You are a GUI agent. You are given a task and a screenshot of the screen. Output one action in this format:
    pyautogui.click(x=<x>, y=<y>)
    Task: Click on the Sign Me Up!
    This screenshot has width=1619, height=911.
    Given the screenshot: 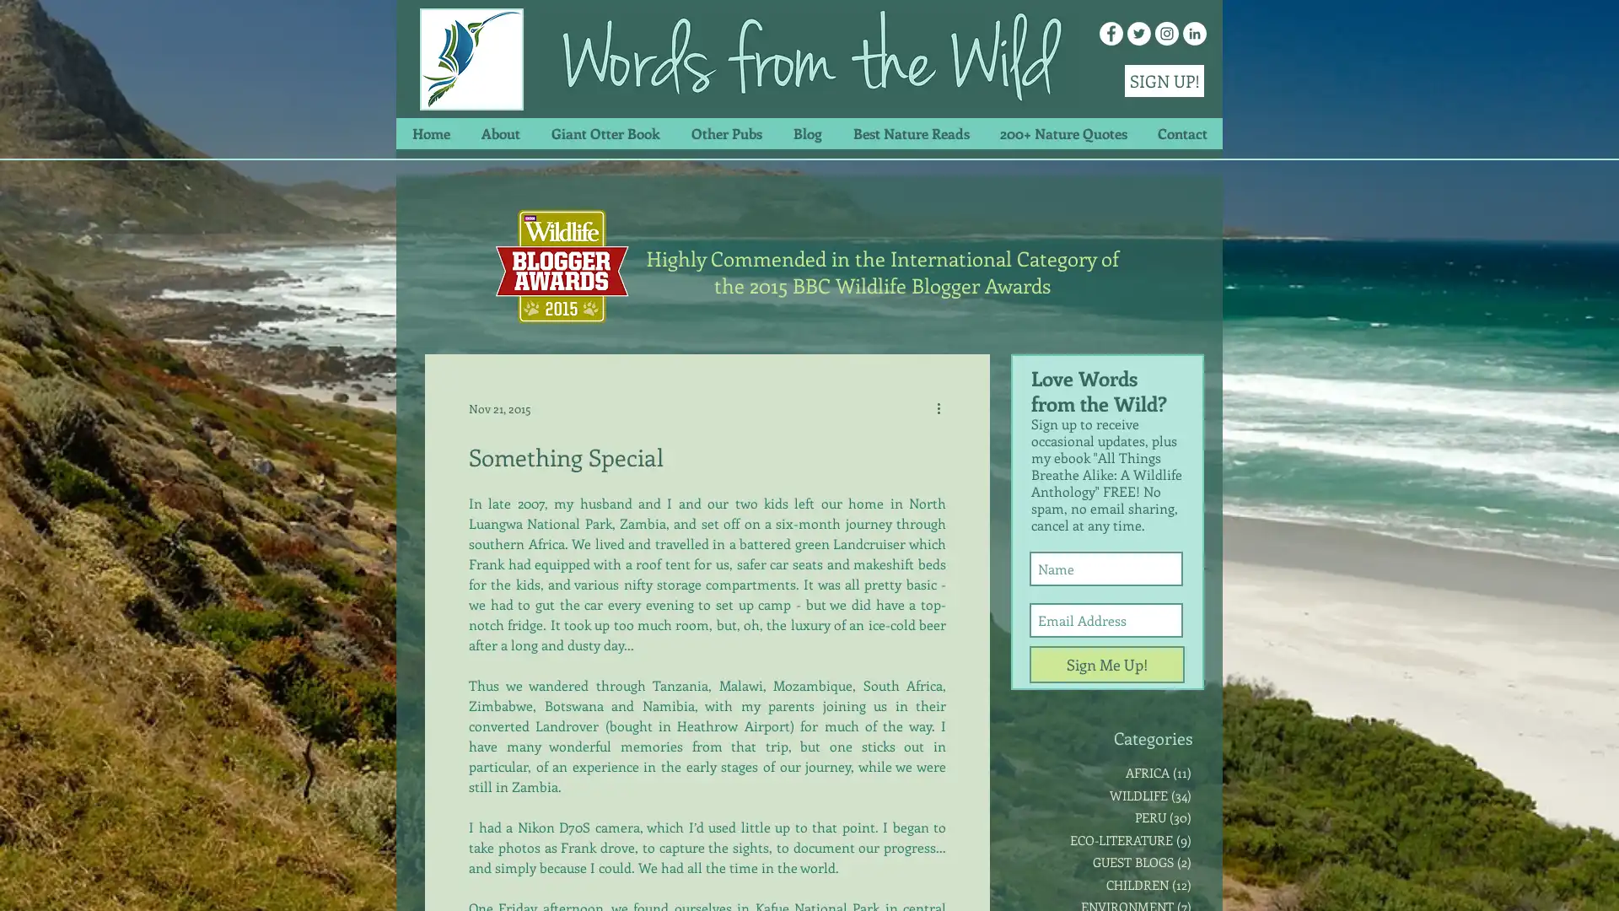 What is the action you would take?
    pyautogui.click(x=1107, y=663)
    